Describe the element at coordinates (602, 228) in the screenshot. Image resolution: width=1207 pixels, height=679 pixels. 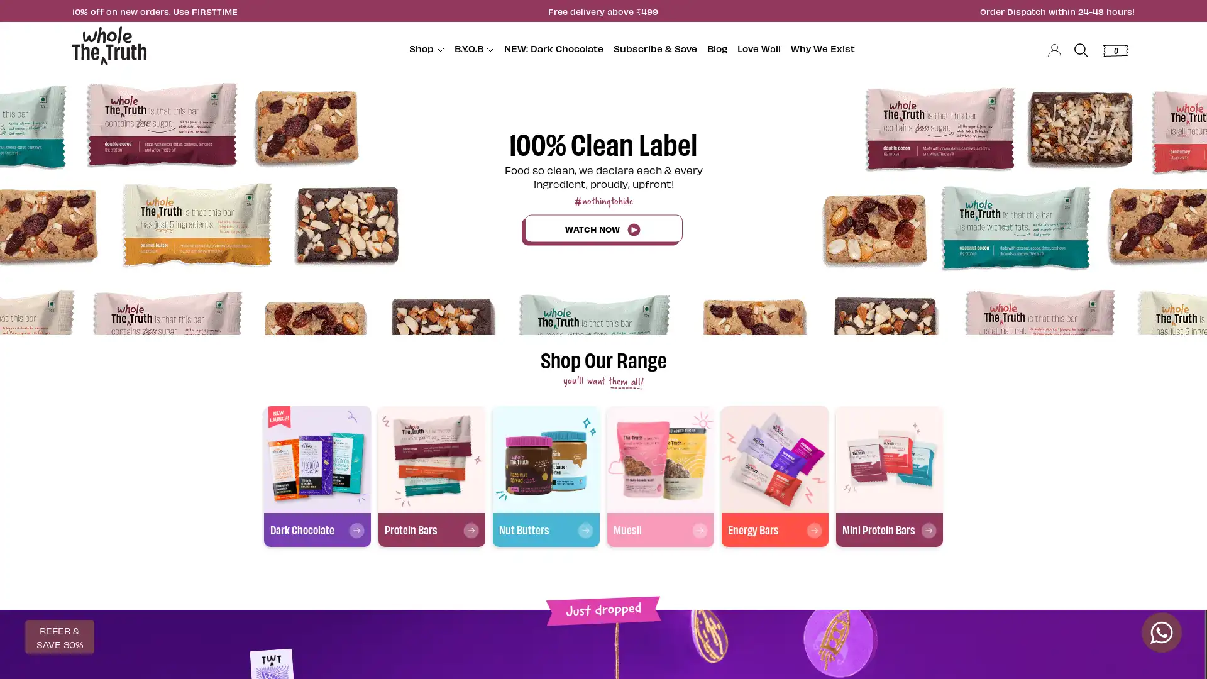
I see `WATCH NOW` at that location.